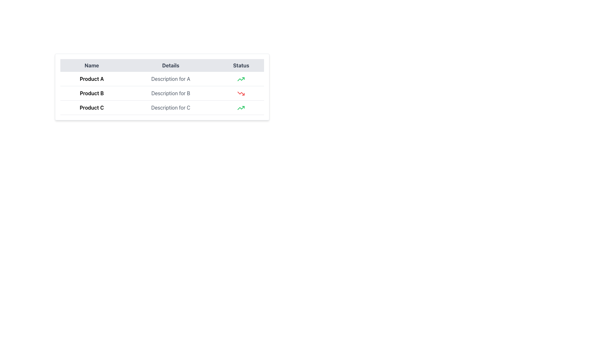 This screenshot has width=613, height=345. What do you see at coordinates (162, 107) in the screenshot?
I see `the third row in the table displaying 'Product C', which contains a description and a green upward trending icon` at bounding box center [162, 107].